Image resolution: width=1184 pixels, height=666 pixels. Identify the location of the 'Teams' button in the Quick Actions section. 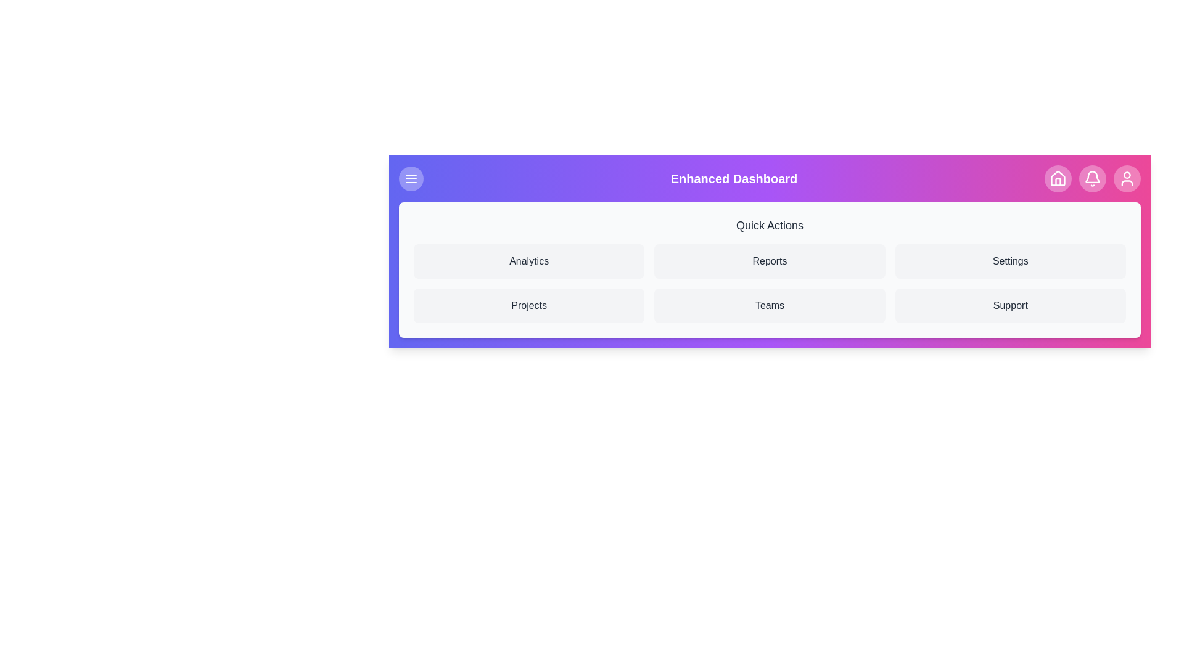
(769, 305).